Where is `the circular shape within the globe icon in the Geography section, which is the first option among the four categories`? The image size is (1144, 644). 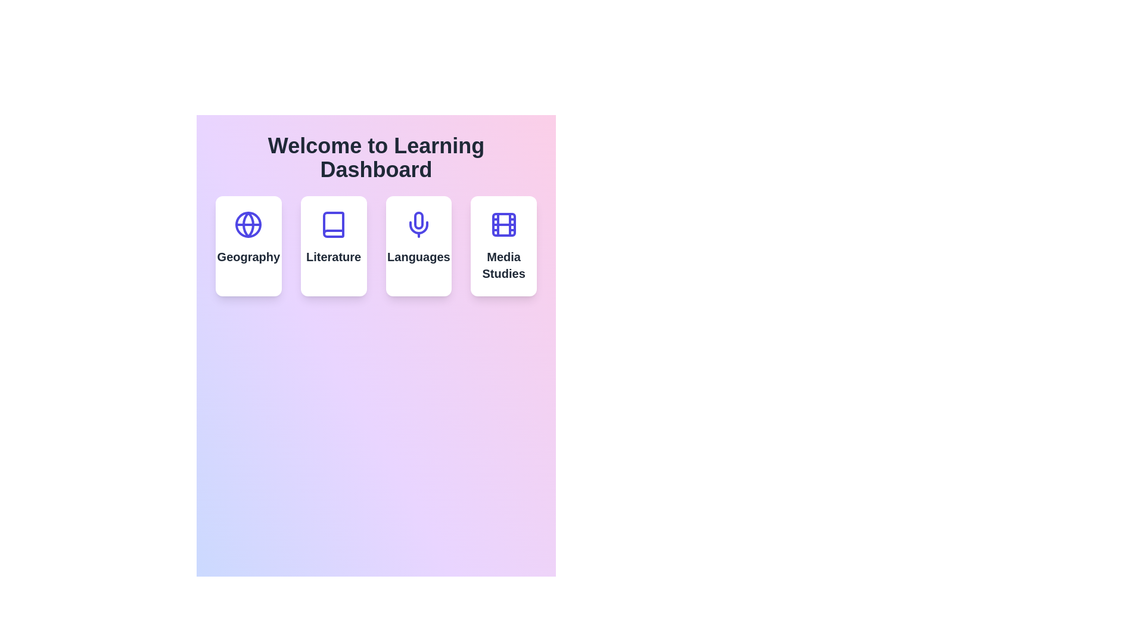
the circular shape within the globe icon in the Geography section, which is the first option among the four categories is located at coordinates (248, 225).